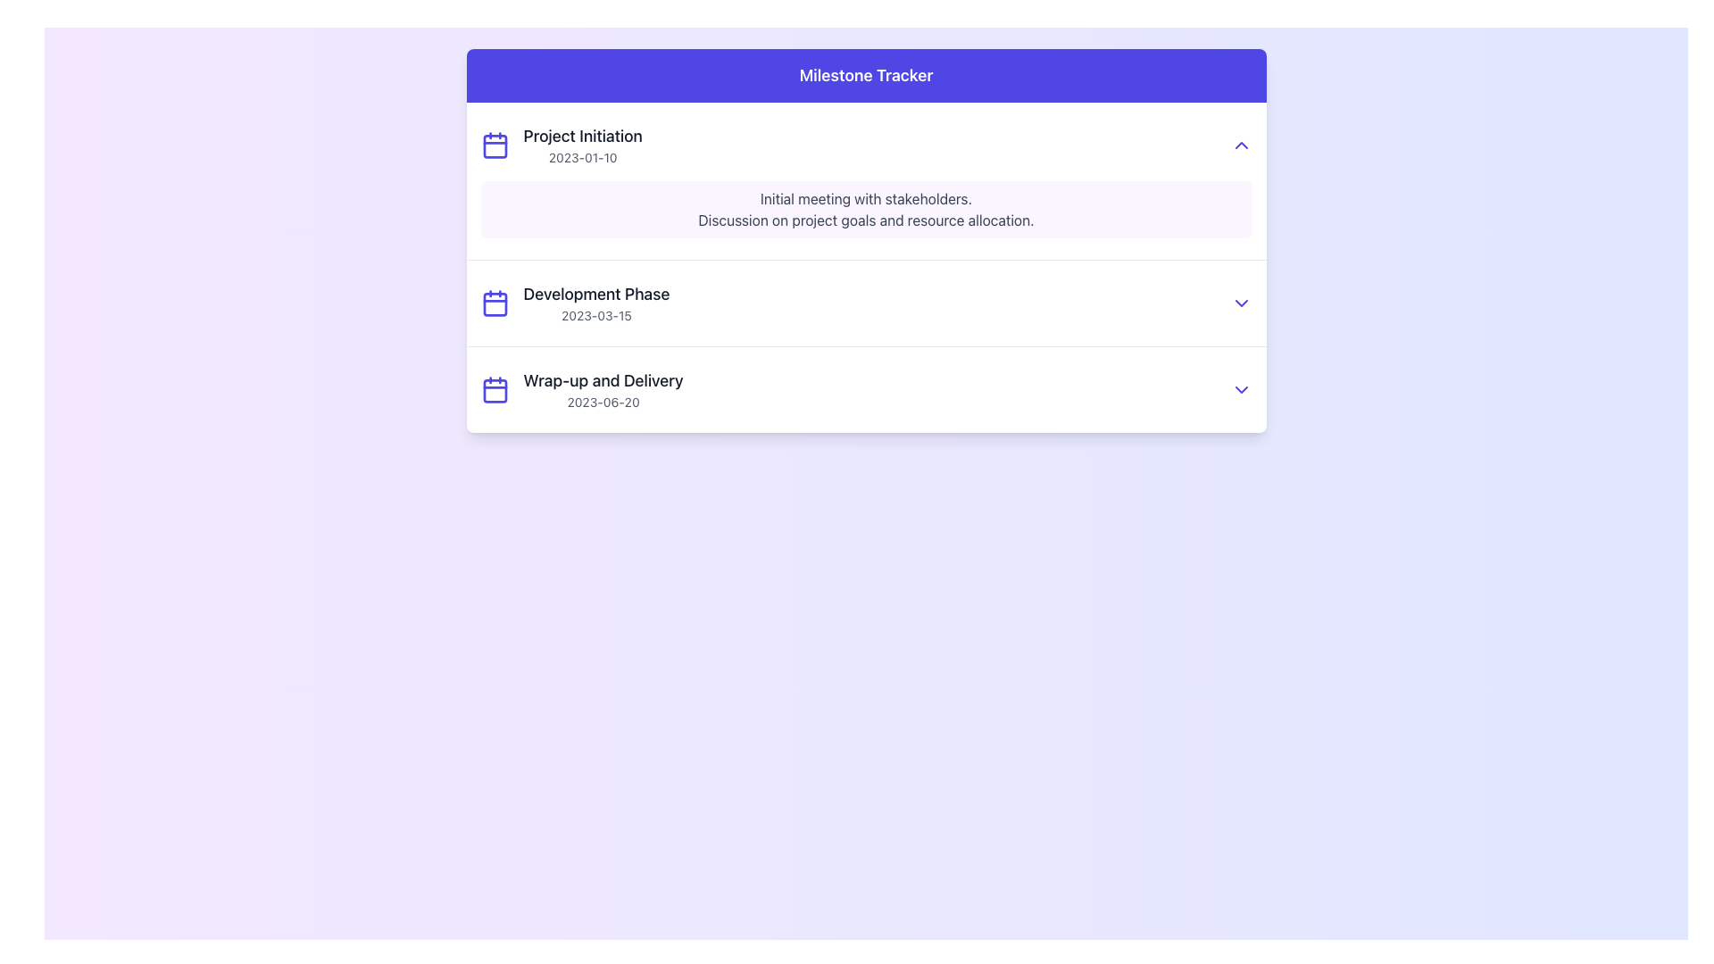  I want to click on the Milestone Entry that displays the milestone's name and date, located between 'Project Initiation' and 'Wrap-up and Delivery', so click(866, 302).